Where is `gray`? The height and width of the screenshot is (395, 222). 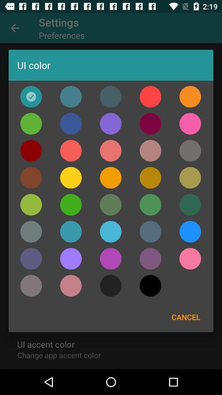 gray is located at coordinates (150, 232).